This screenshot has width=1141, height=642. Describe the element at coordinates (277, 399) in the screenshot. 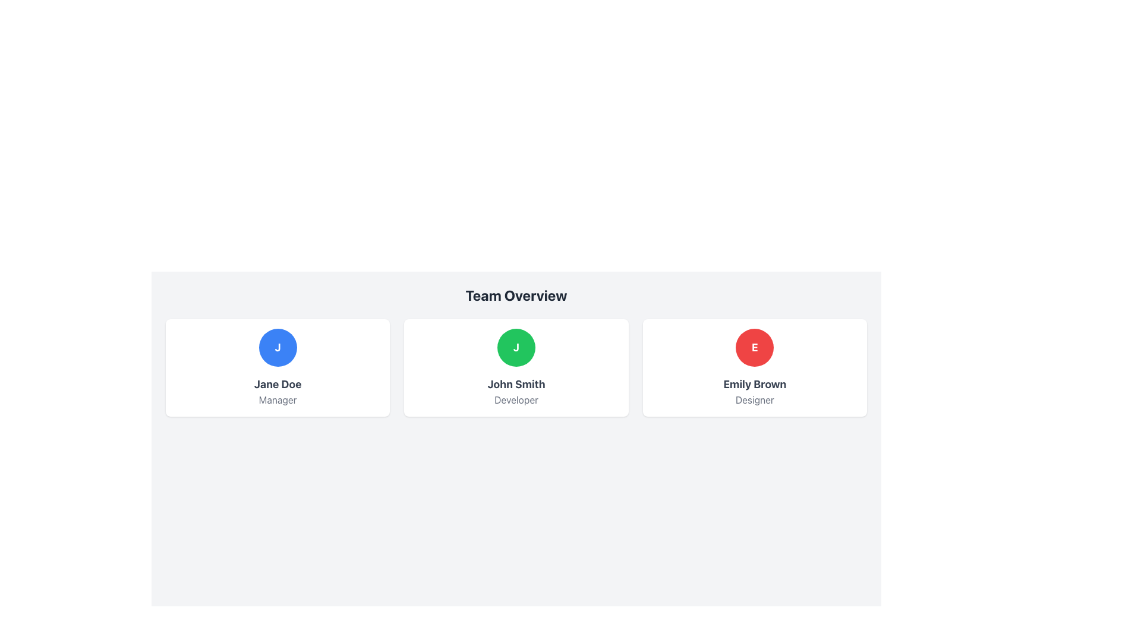

I see `the text label indicating the role or position of 'Jane Doe', which is centrally located within the card beneath her name` at that location.